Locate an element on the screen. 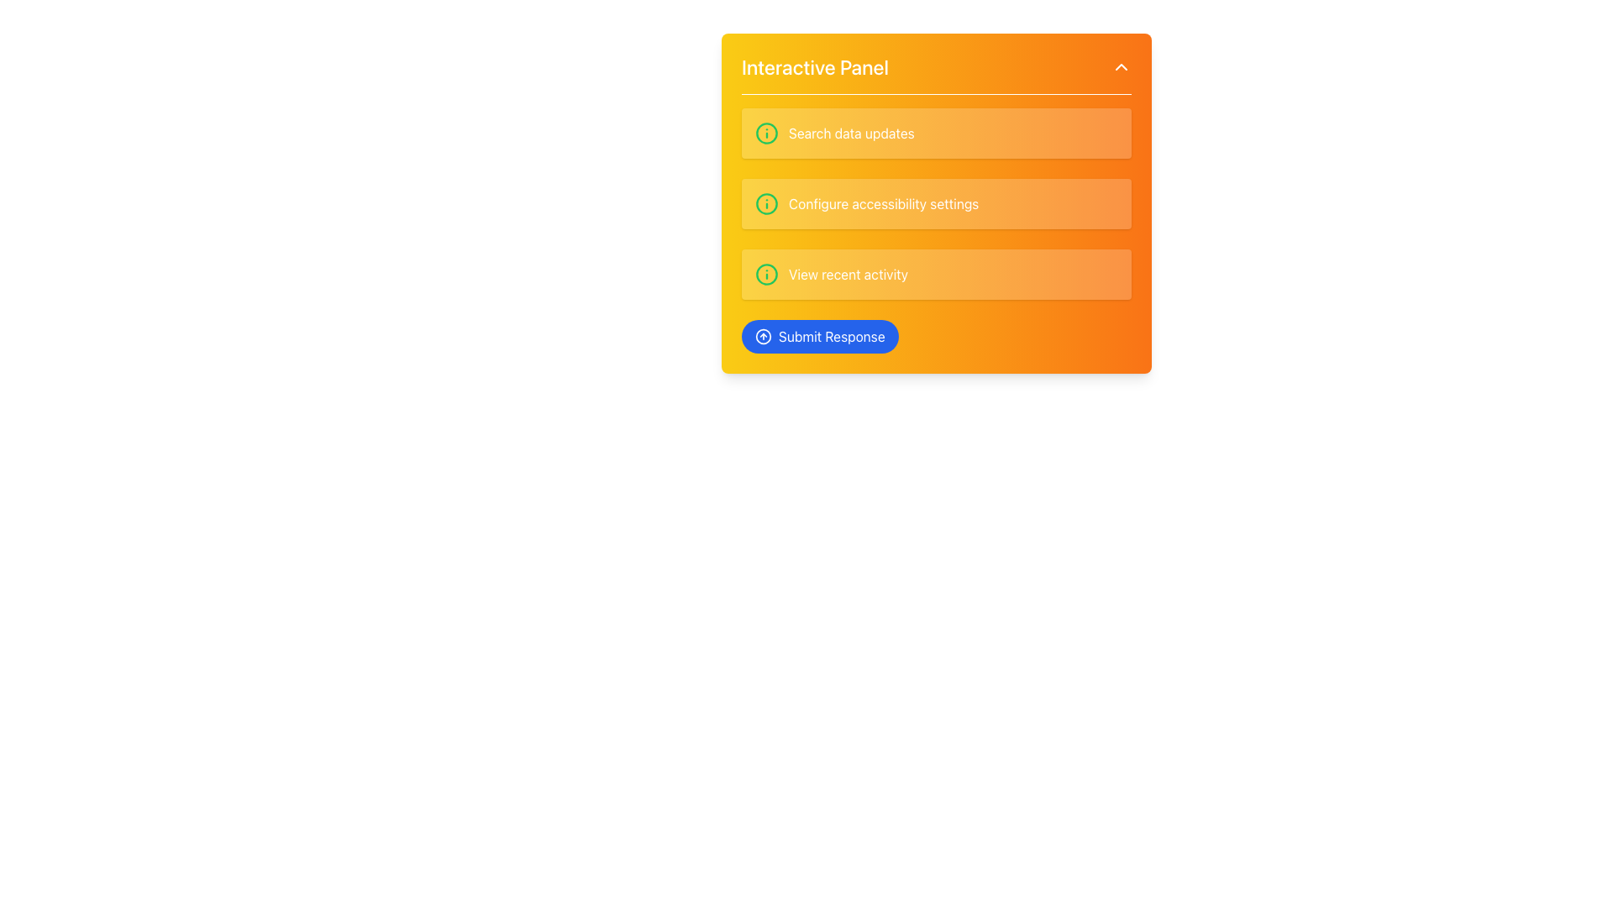 The image size is (1613, 907). the chevron-shaped button with a white color on an orange background located in the top-right corner of the 'Interactive Panel' is located at coordinates (1121, 66).